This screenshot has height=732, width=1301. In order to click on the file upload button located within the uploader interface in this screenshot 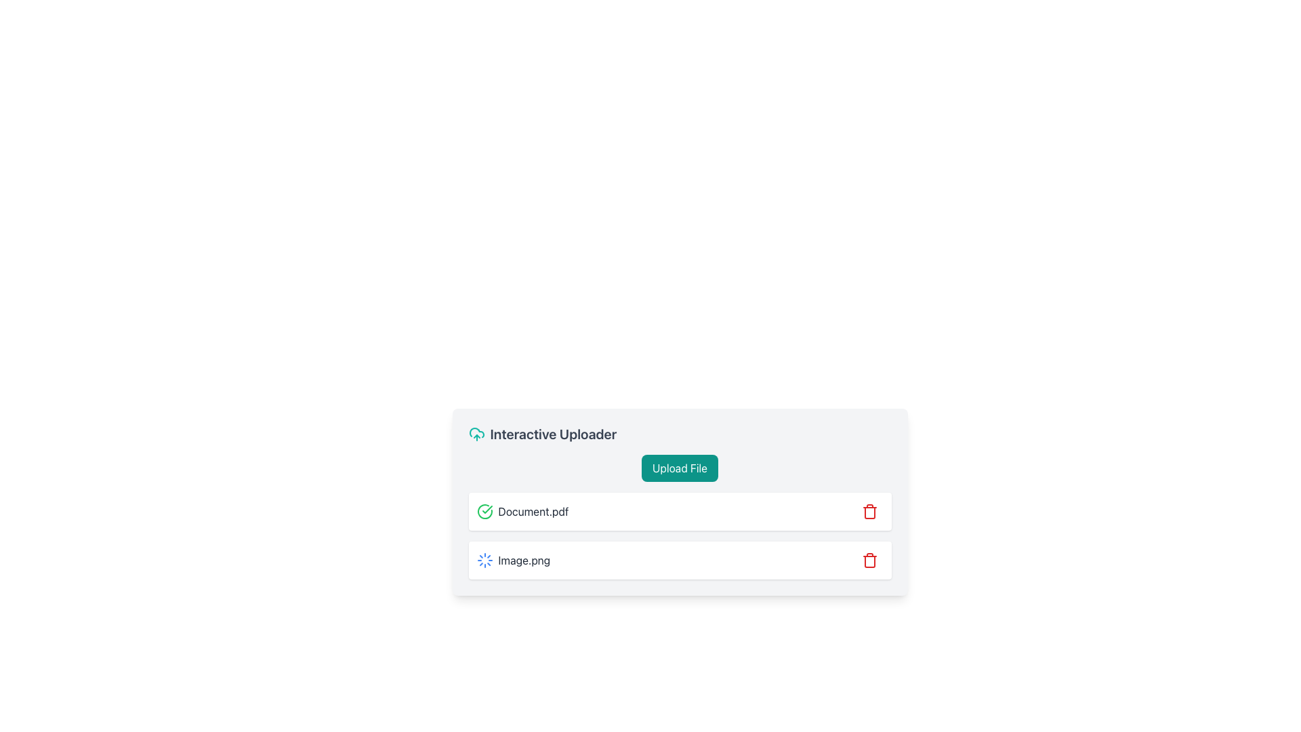, I will do `click(680, 467)`.